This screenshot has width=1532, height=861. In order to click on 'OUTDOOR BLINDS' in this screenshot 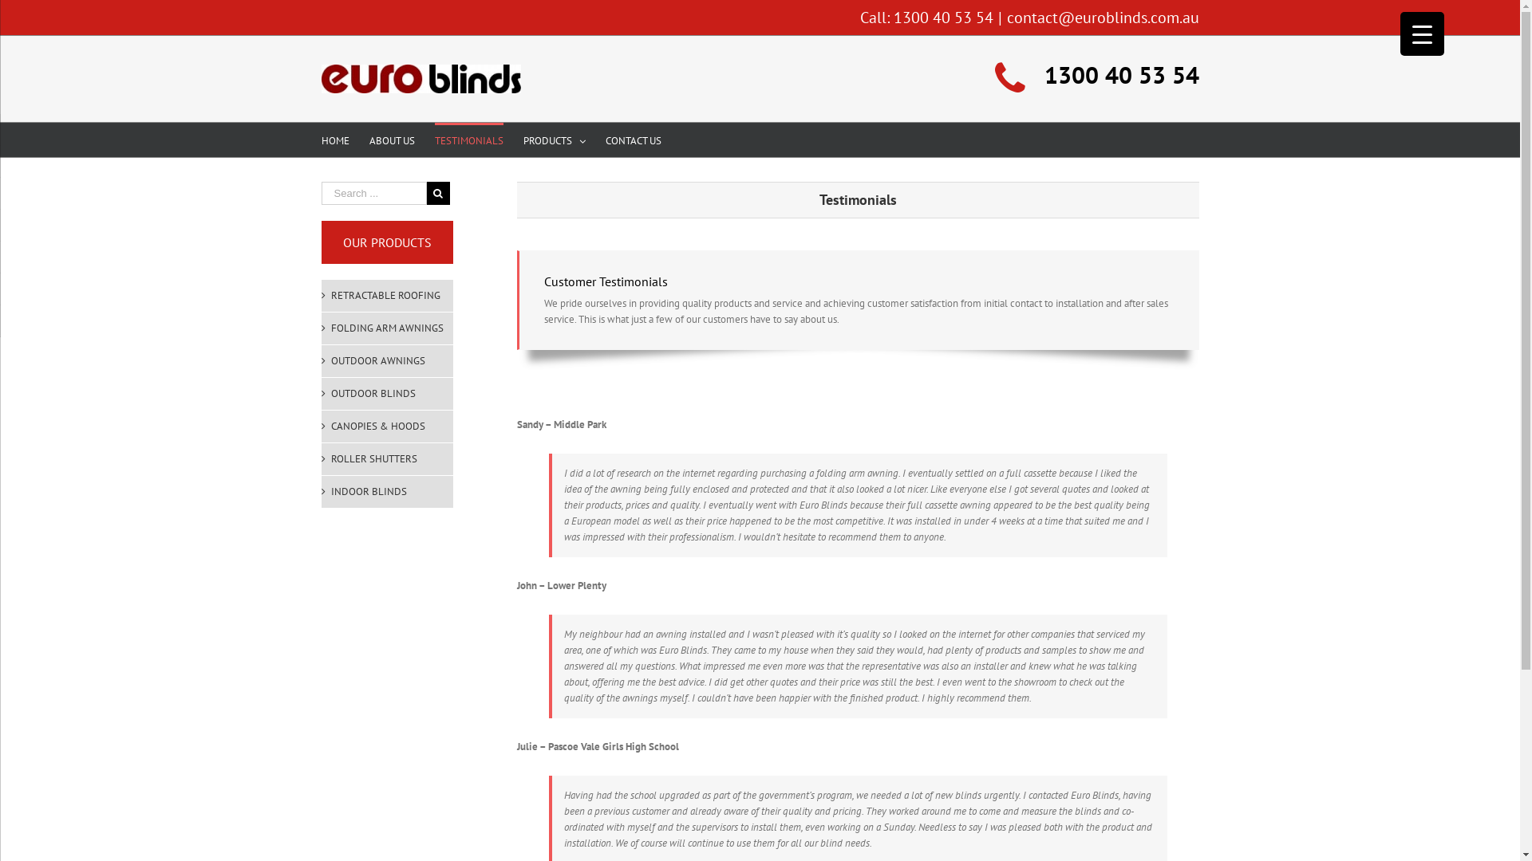, I will do `click(387, 393)`.